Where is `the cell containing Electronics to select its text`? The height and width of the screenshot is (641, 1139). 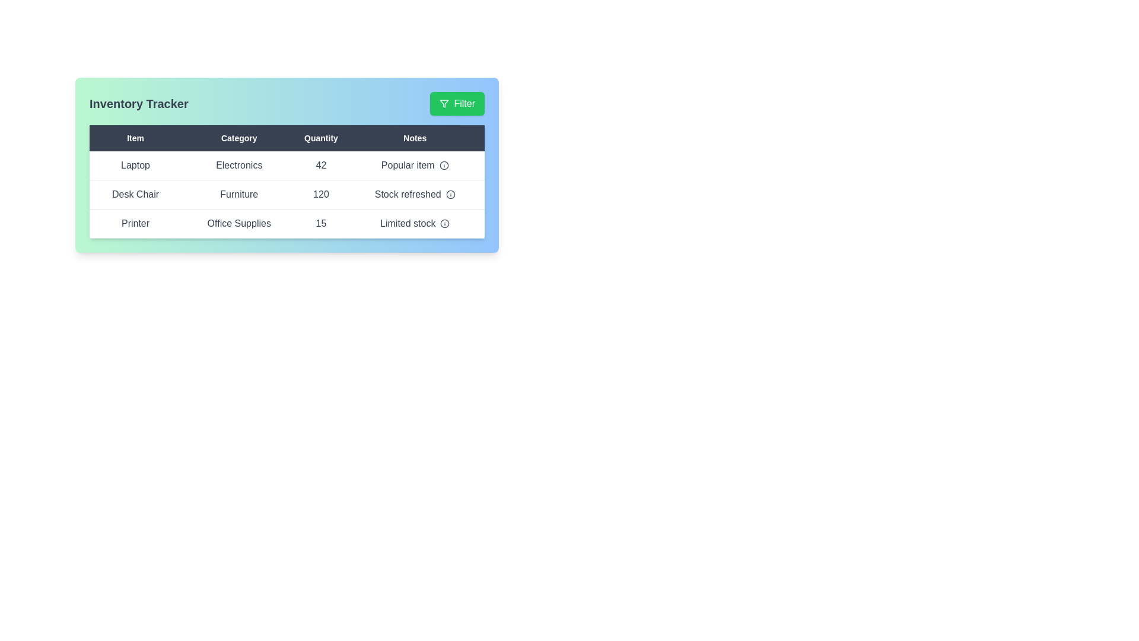
the cell containing Electronics to select its text is located at coordinates (238, 166).